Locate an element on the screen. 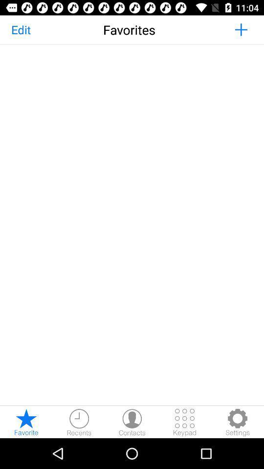 Image resolution: width=264 pixels, height=469 pixels. show favorites is located at coordinates (26, 422).